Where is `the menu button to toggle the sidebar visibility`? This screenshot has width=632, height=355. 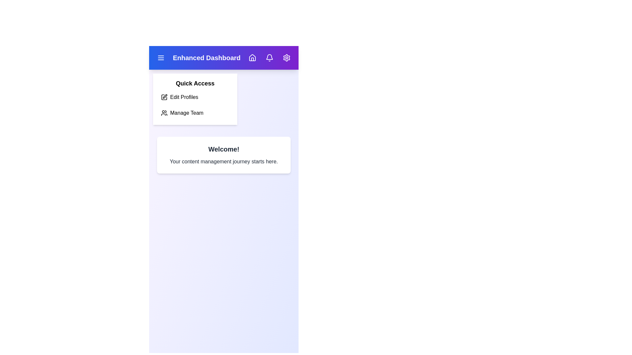
the menu button to toggle the sidebar visibility is located at coordinates (161, 58).